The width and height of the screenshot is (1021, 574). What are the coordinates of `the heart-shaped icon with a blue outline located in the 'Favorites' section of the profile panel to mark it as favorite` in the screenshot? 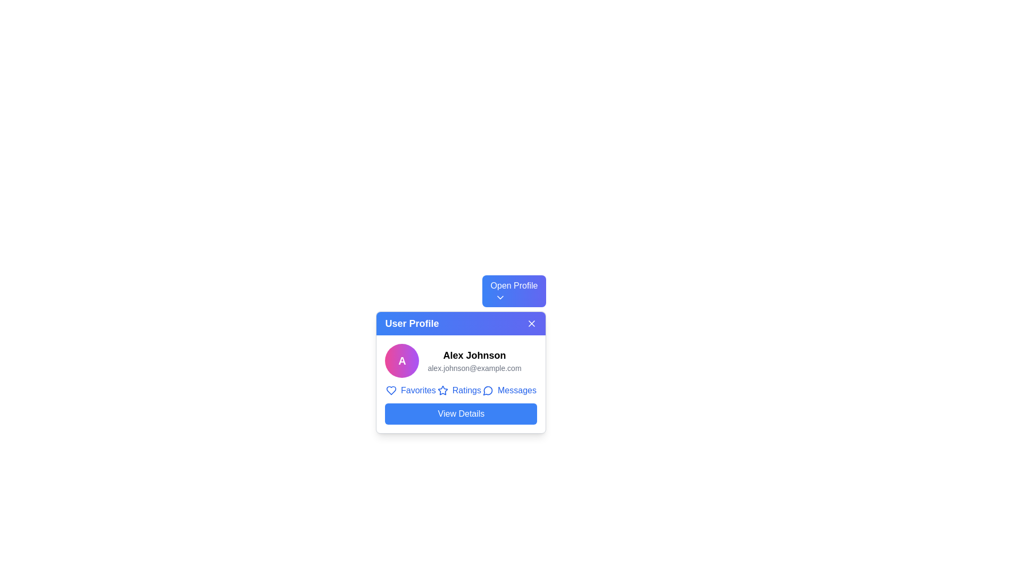 It's located at (390, 391).